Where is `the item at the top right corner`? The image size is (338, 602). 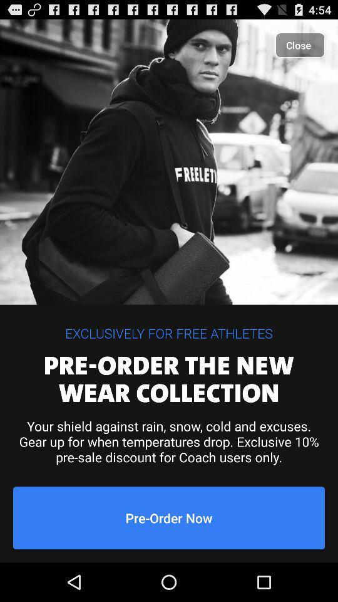
the item at the top right corner is located at coordinates (299, 45).